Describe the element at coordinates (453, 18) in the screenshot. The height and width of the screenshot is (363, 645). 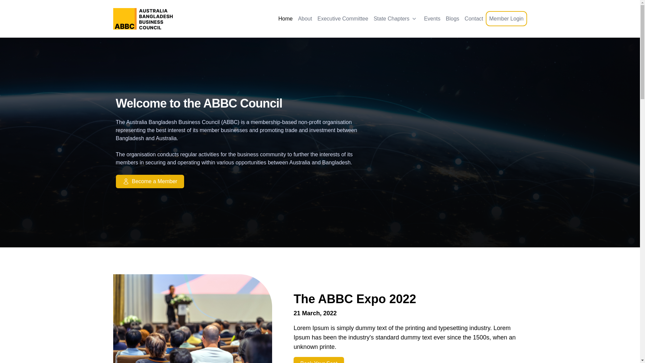
I see `'Blogs'` at that location.